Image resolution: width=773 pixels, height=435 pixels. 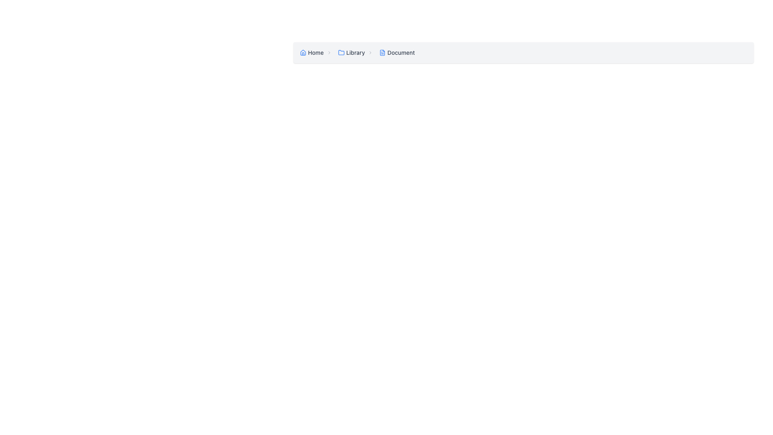 I want to click on the 'Library' text label in the breadcrumb navigation bar, so click(x=355, y=53).